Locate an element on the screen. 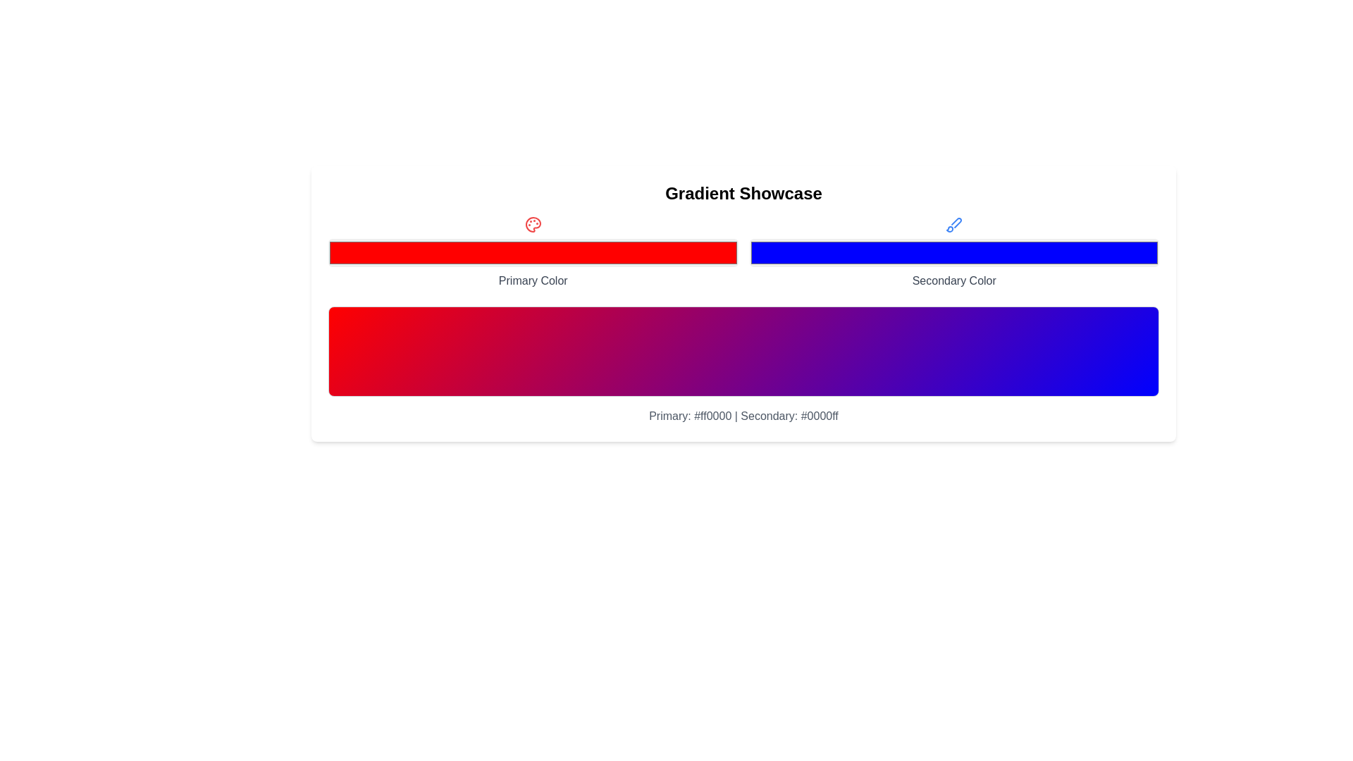  the text label displaying the primary color '#ff0000' to trigger potential tooltips is located at coordinates (690, 415).